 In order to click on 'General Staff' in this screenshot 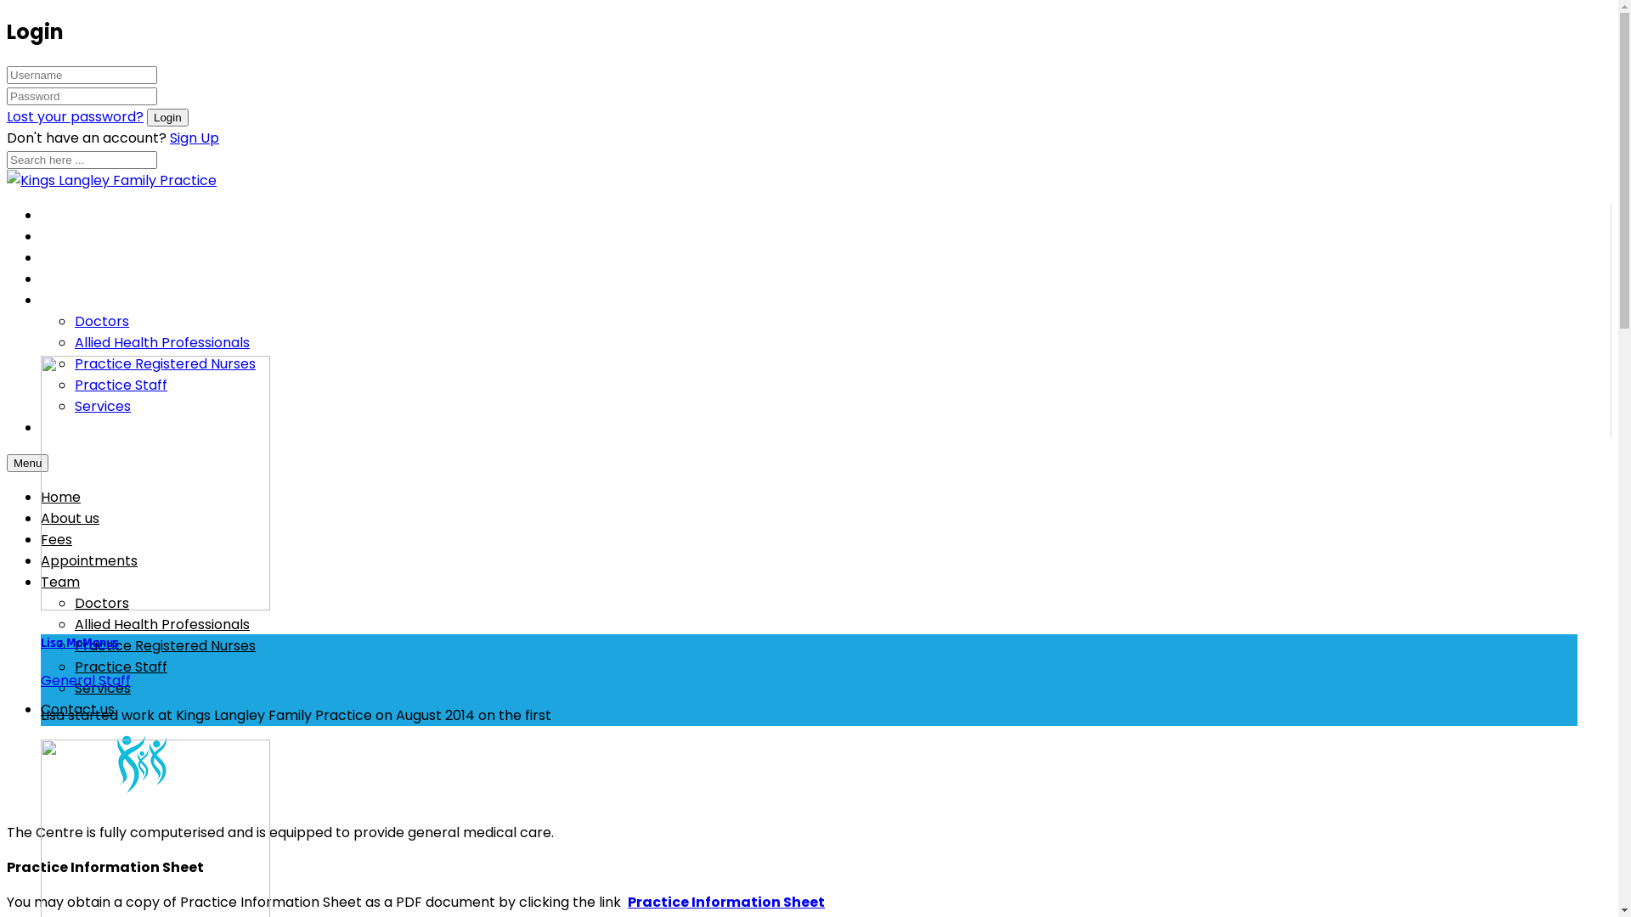, I will do `click(84, 679)`.